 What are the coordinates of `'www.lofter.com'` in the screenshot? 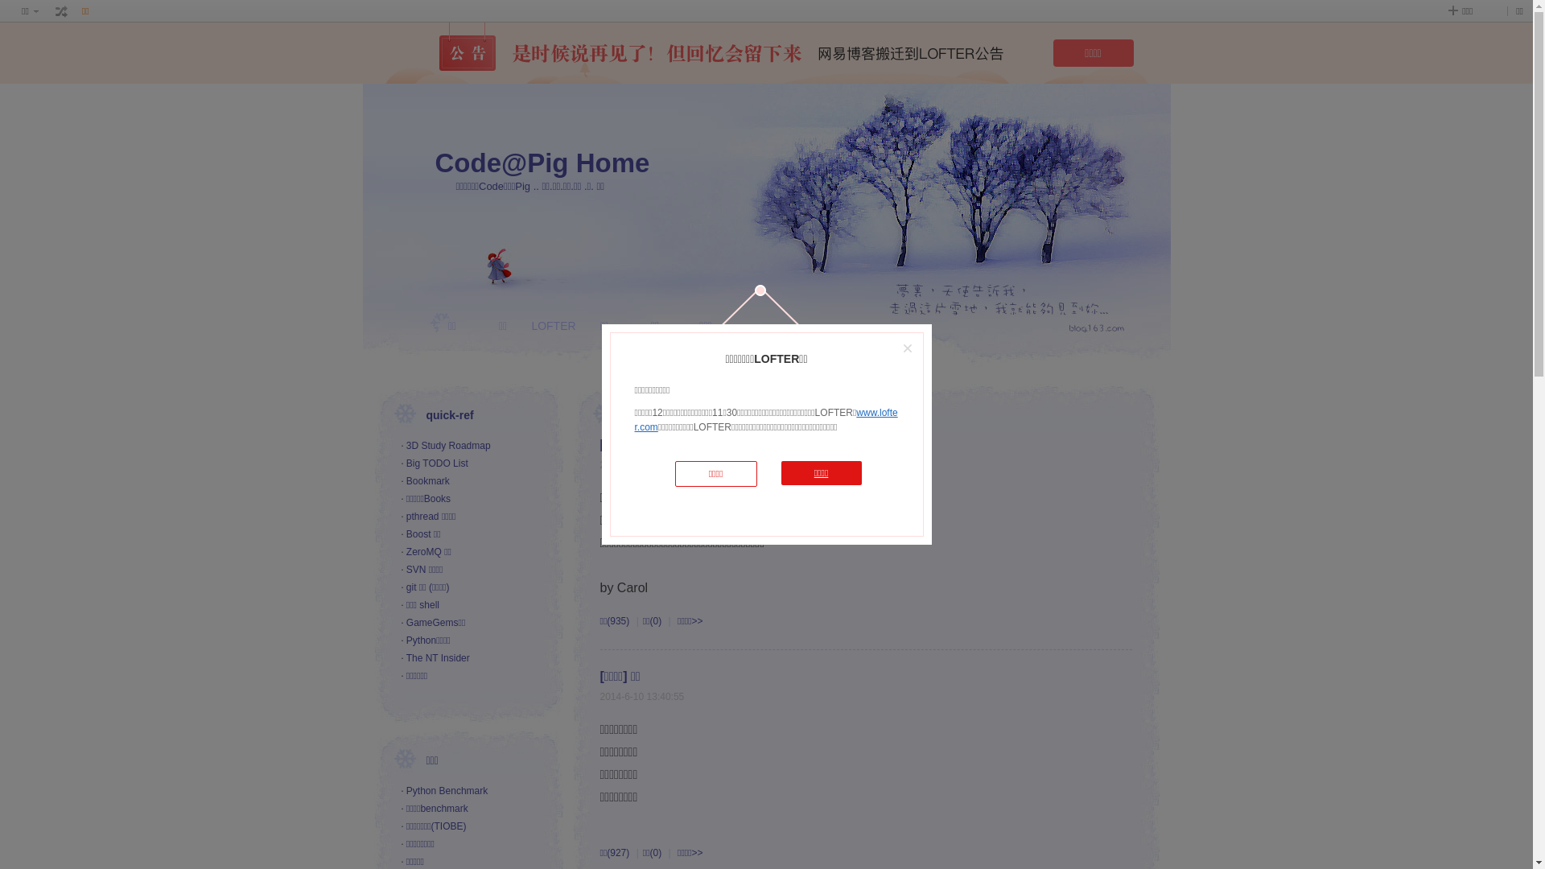 It's located at (764, 418).